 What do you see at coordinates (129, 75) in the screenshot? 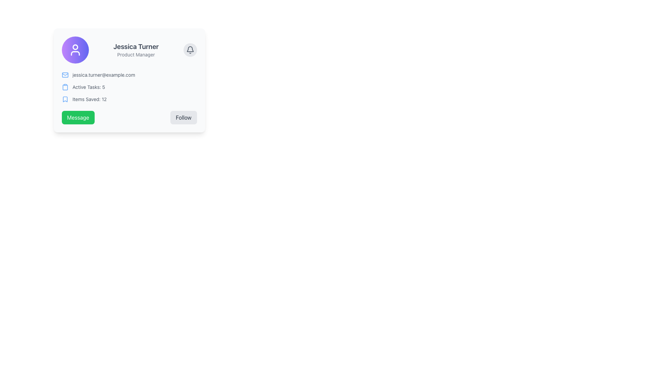
I see `the Email display section that contains the blue email icon and the gray email address 'jessica.turner@example.com', located in the middle of the user profile card, beneath the user's name and job title` at bounding box center [129, 75].